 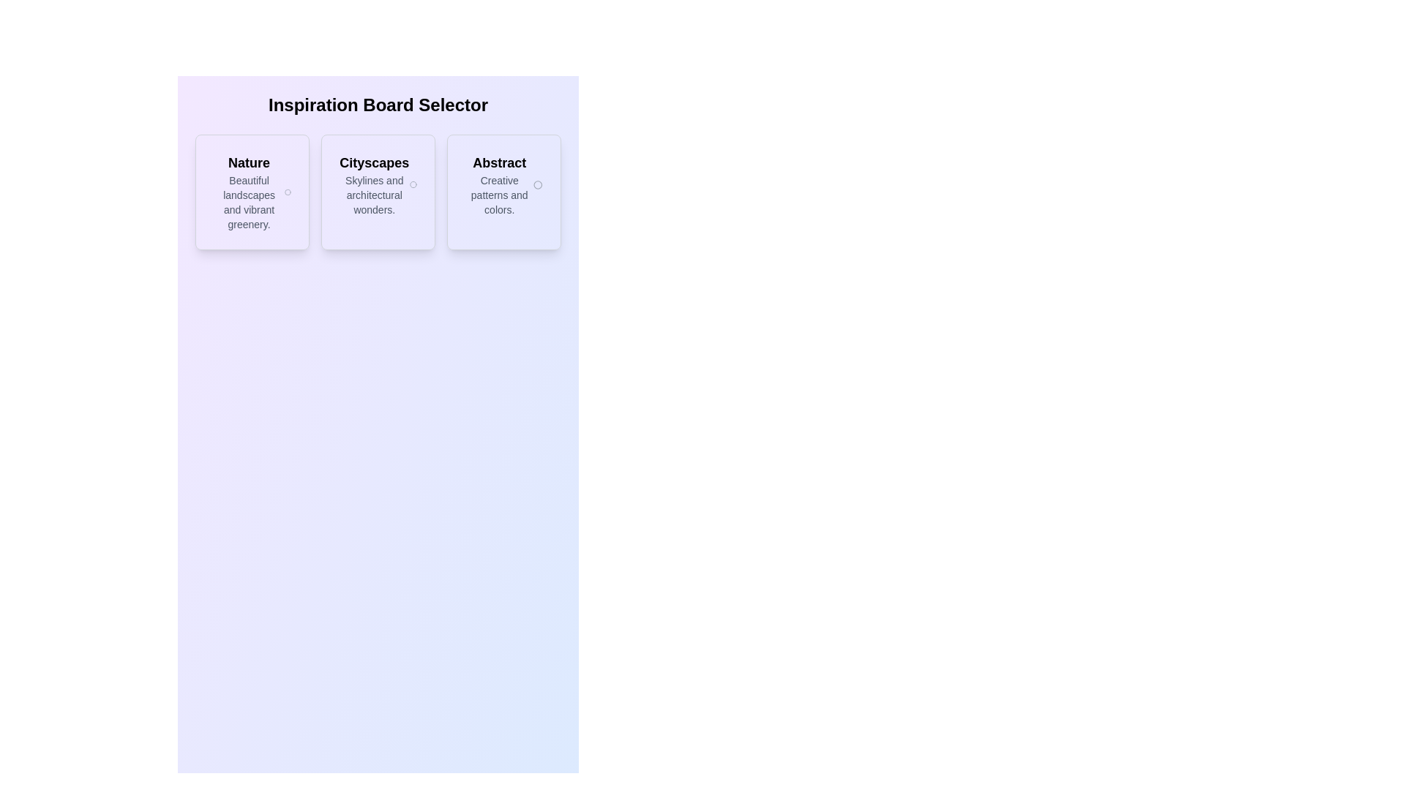 What do you see at coordinates (412, 184) in the screenshot?
I see `the radio button located in the middle card labeled 'Cityscapes' within the 'Inspiration Board Selector'` at bounding box center [412, 184].